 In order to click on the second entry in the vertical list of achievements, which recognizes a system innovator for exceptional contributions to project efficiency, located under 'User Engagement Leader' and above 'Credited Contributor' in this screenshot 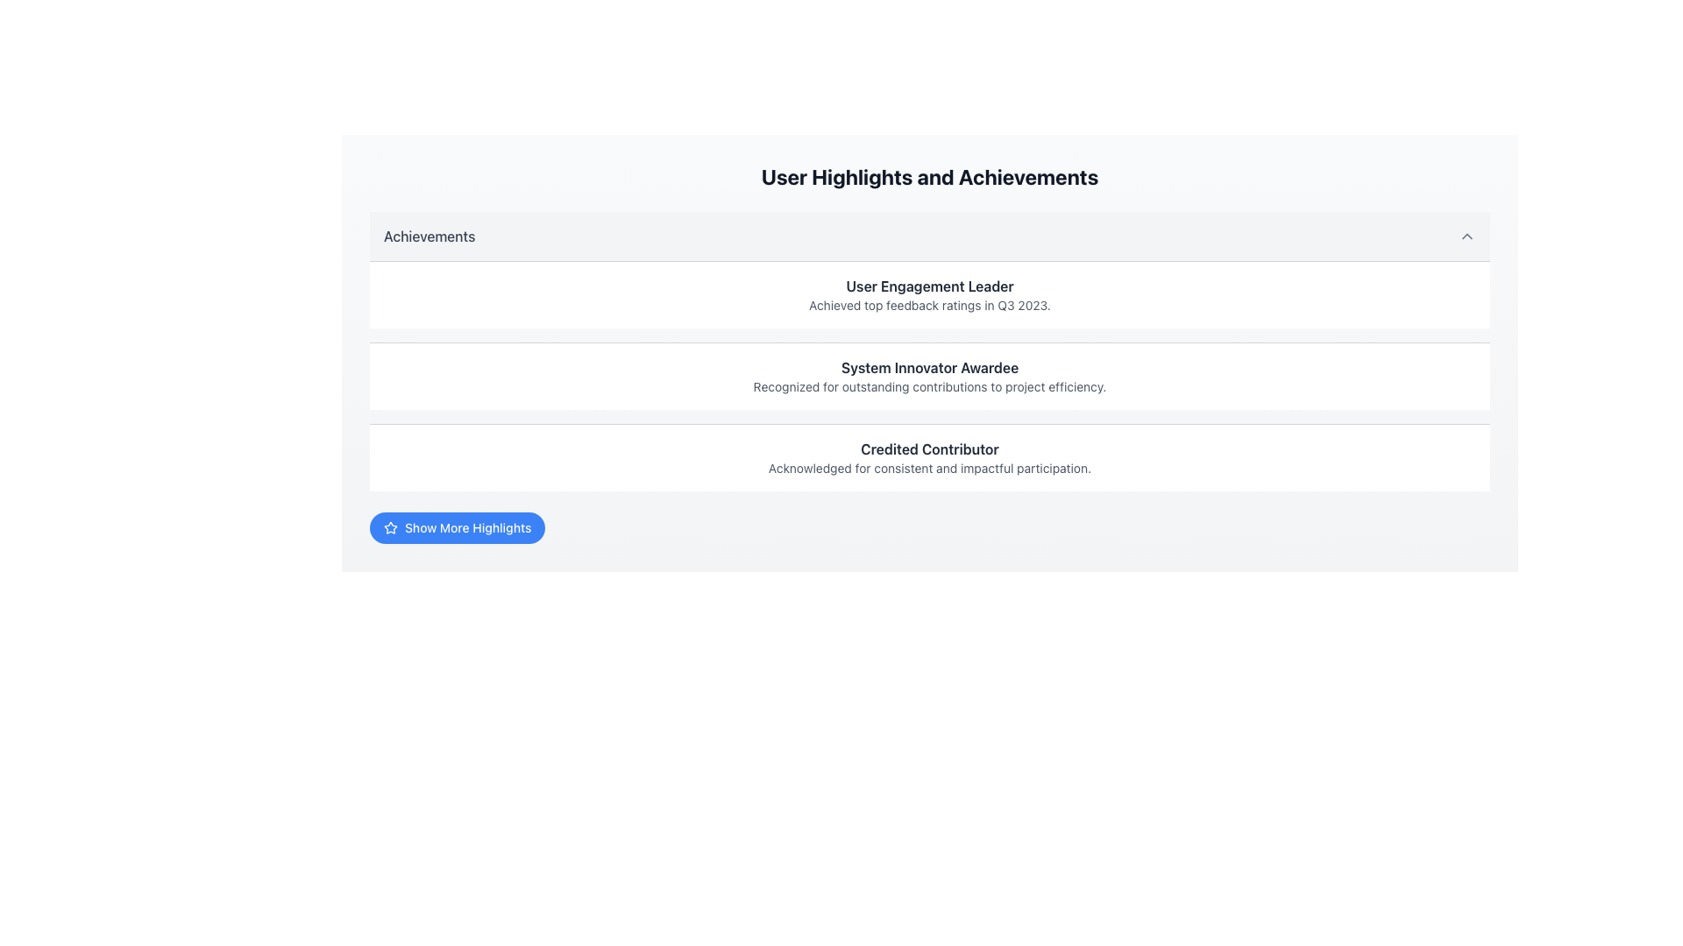, I will do `click(928, 375)`.